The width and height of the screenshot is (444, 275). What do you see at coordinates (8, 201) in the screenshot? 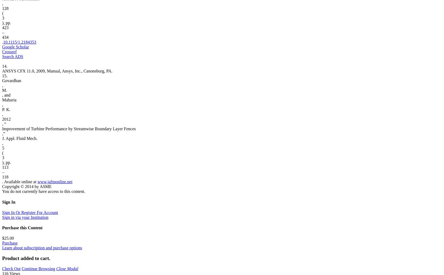
I see `'Sign In'` at bounding box center [8, 201].